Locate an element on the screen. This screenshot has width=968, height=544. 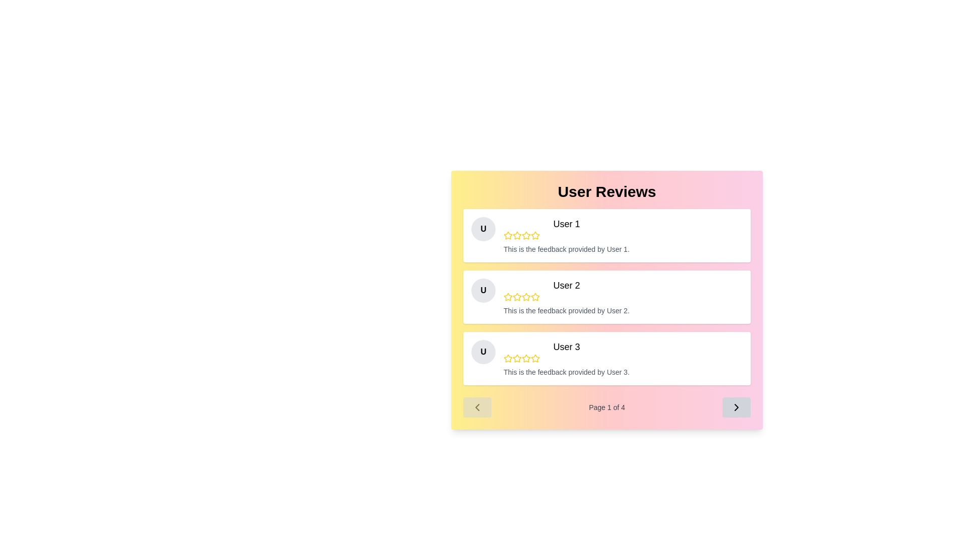
the sixth yellow star icon representing a rating indicator for the first user review is located at coordinates (534, 235).